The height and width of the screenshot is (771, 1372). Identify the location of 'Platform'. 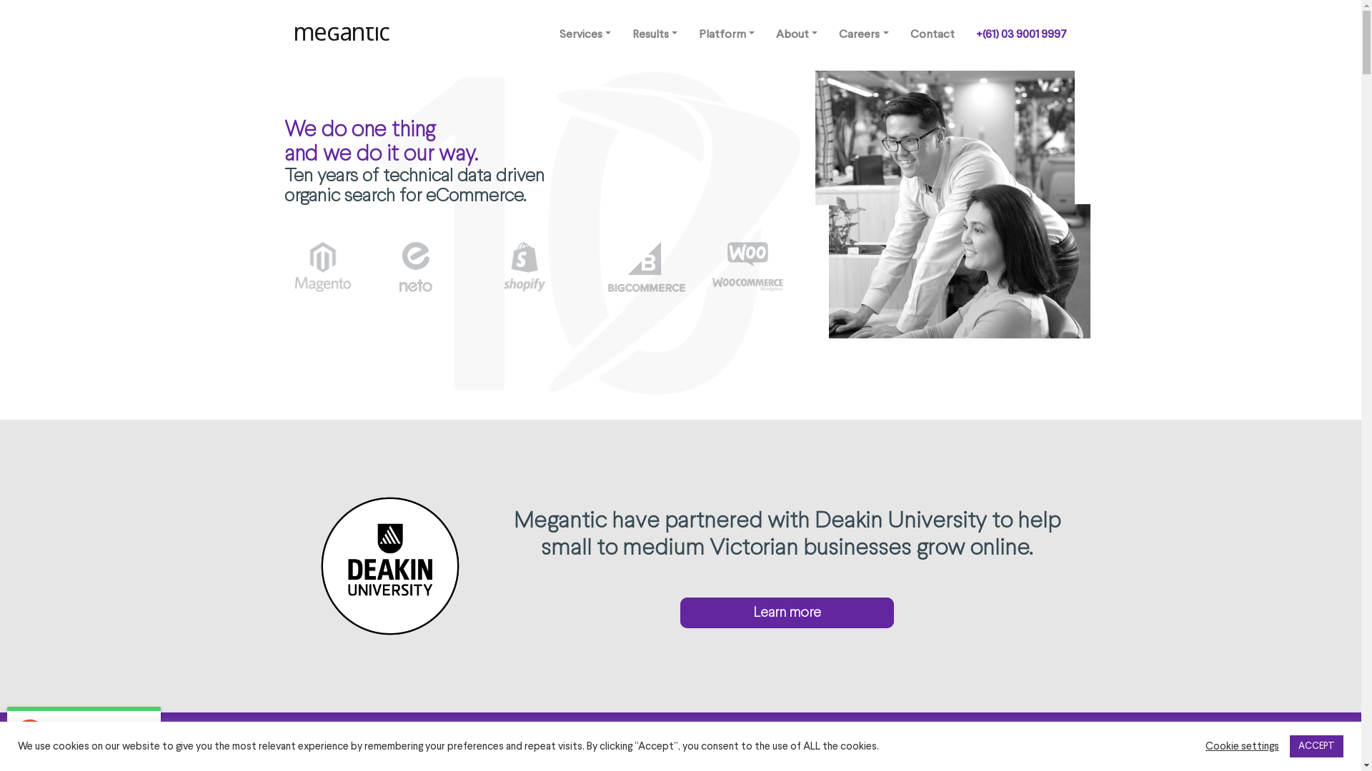
(727, 34).